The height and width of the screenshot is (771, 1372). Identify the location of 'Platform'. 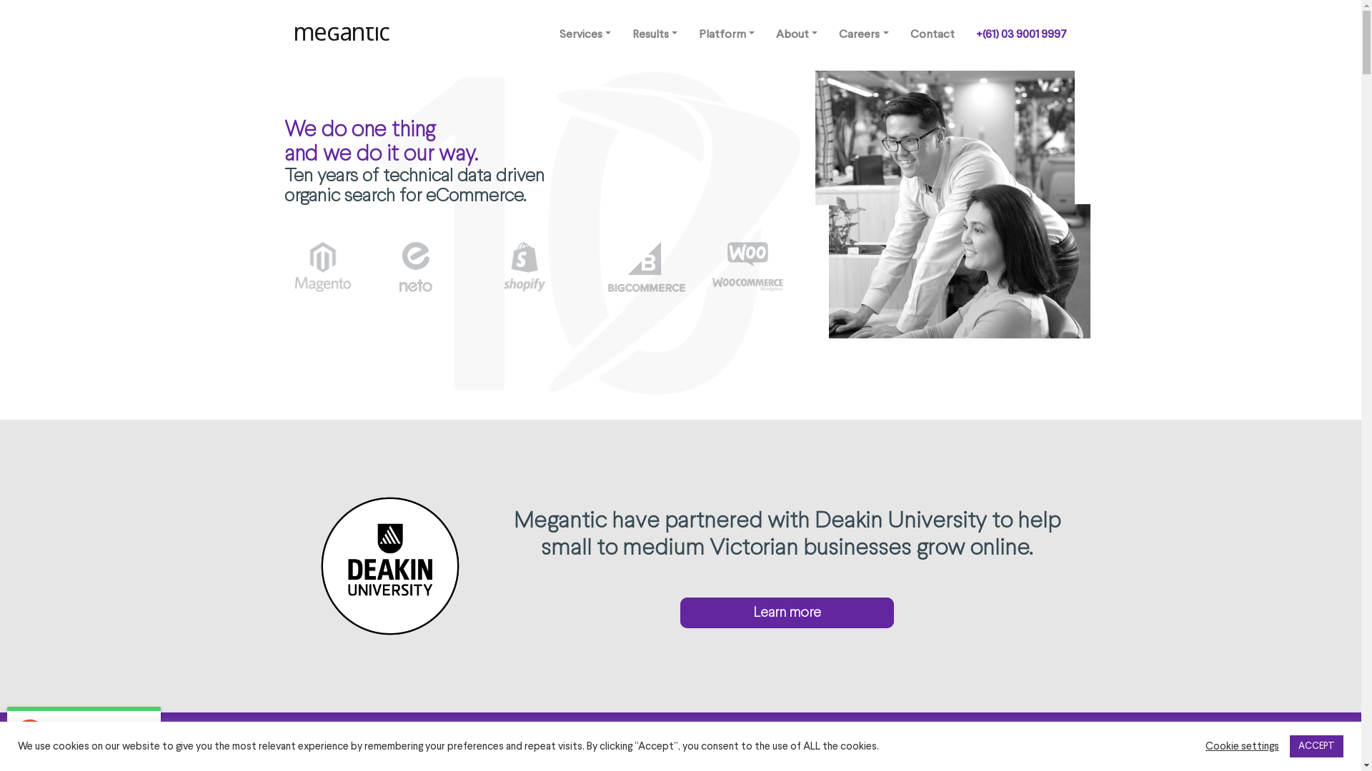
(727, 34).